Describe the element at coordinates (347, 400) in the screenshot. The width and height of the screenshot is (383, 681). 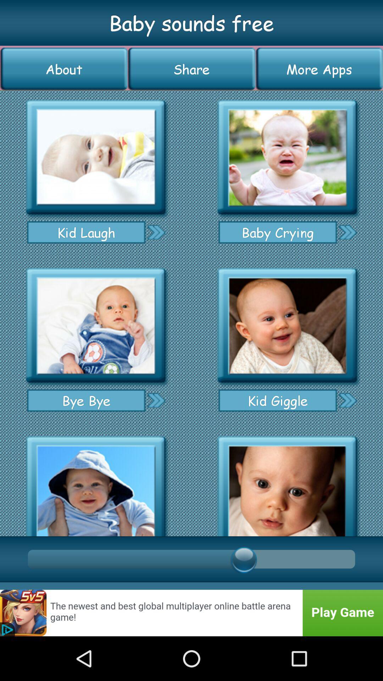
I see `next sound` at that location.